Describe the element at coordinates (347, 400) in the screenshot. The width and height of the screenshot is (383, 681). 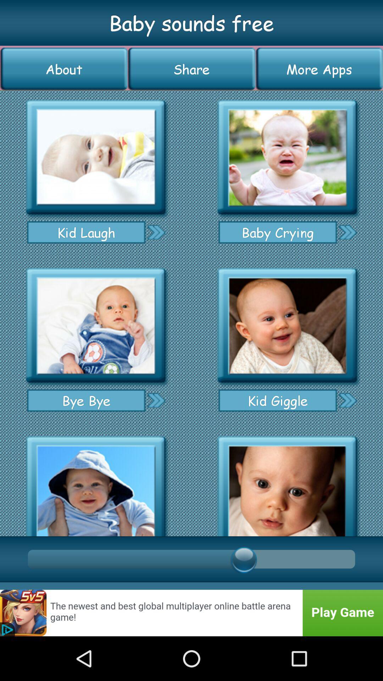
I see `next sound` at that location.